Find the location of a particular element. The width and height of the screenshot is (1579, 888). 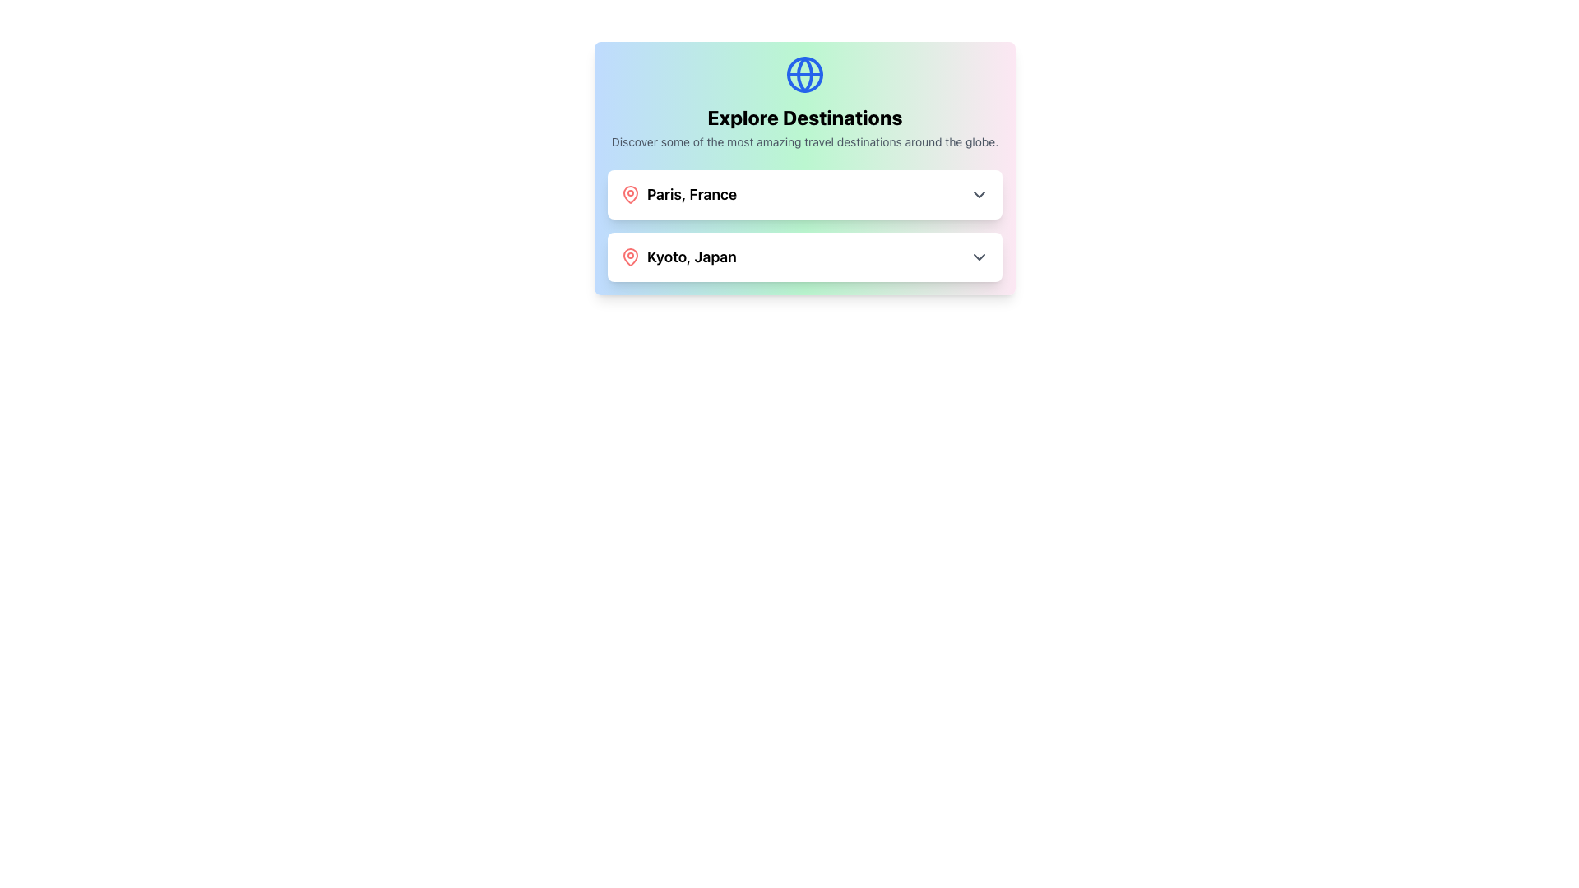

the dropdown selector option labeled 'Kyoto, Japan' is located at coordinates (805, 257).